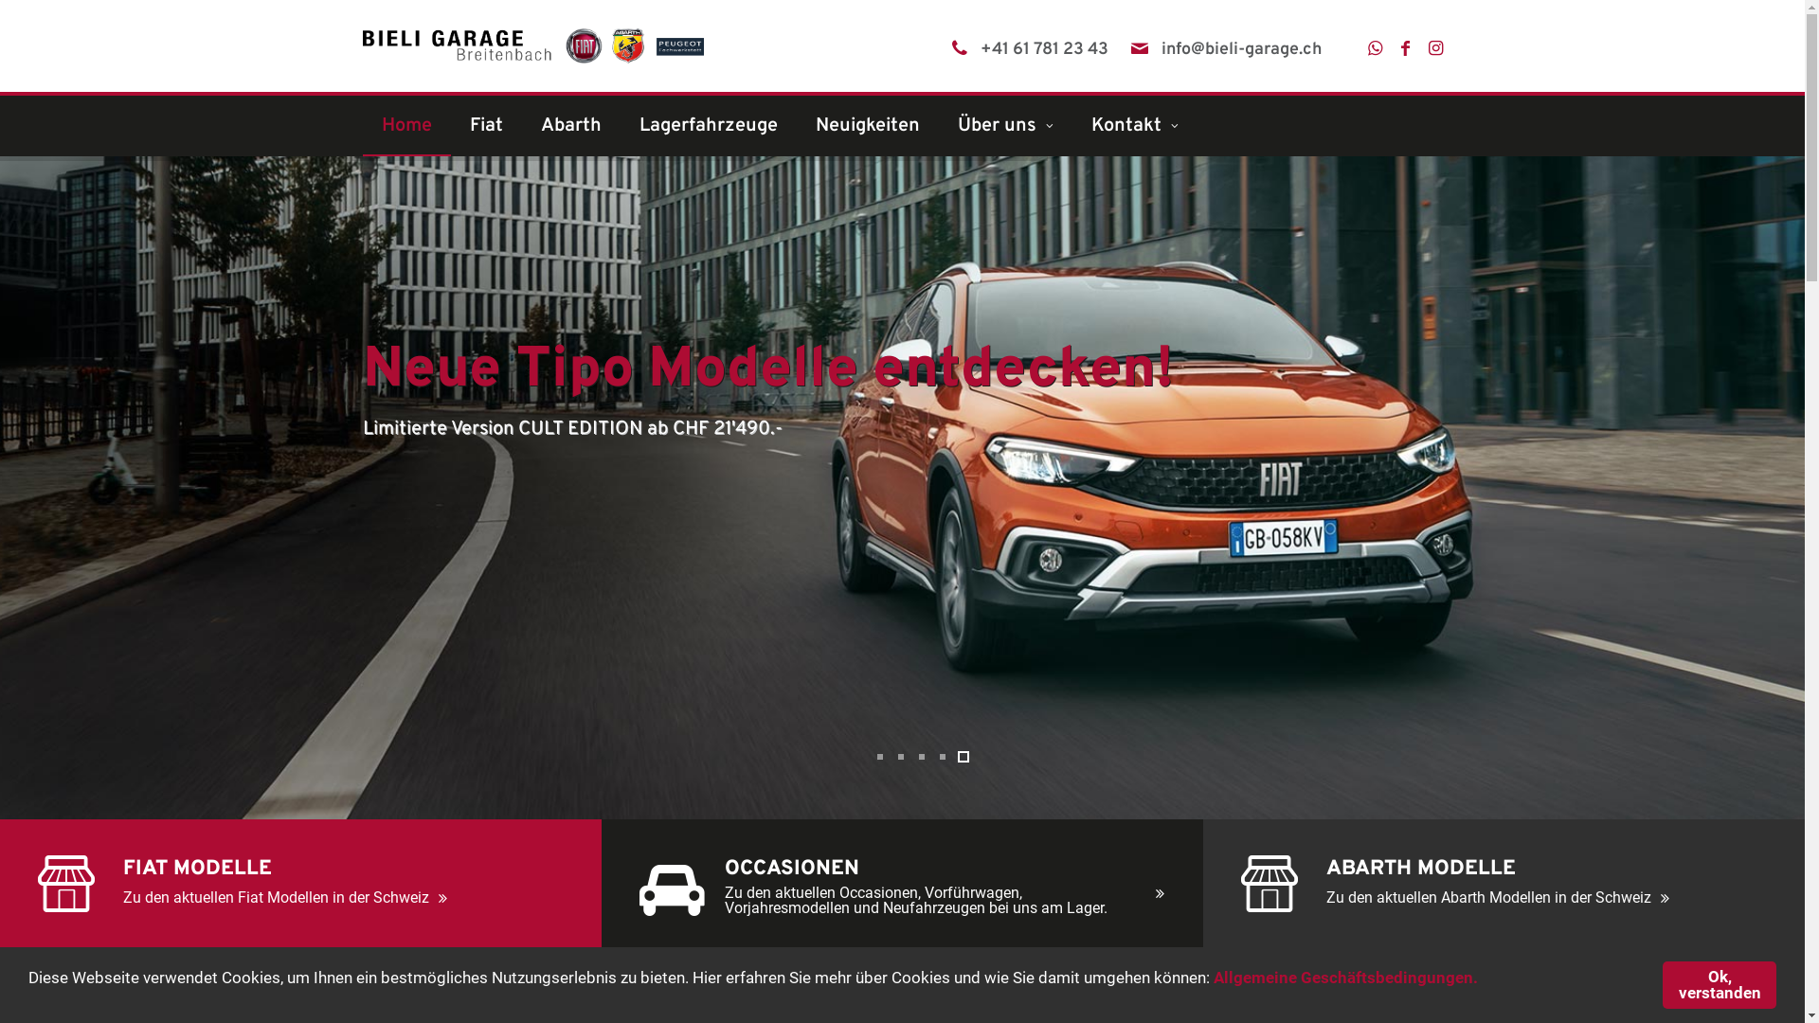 The height and width of the screenshot is (1023, 1819). Describe the element at coordinates (1042, 49) in the screenshot. I see `'+41 61 781 23 43'` at that location.